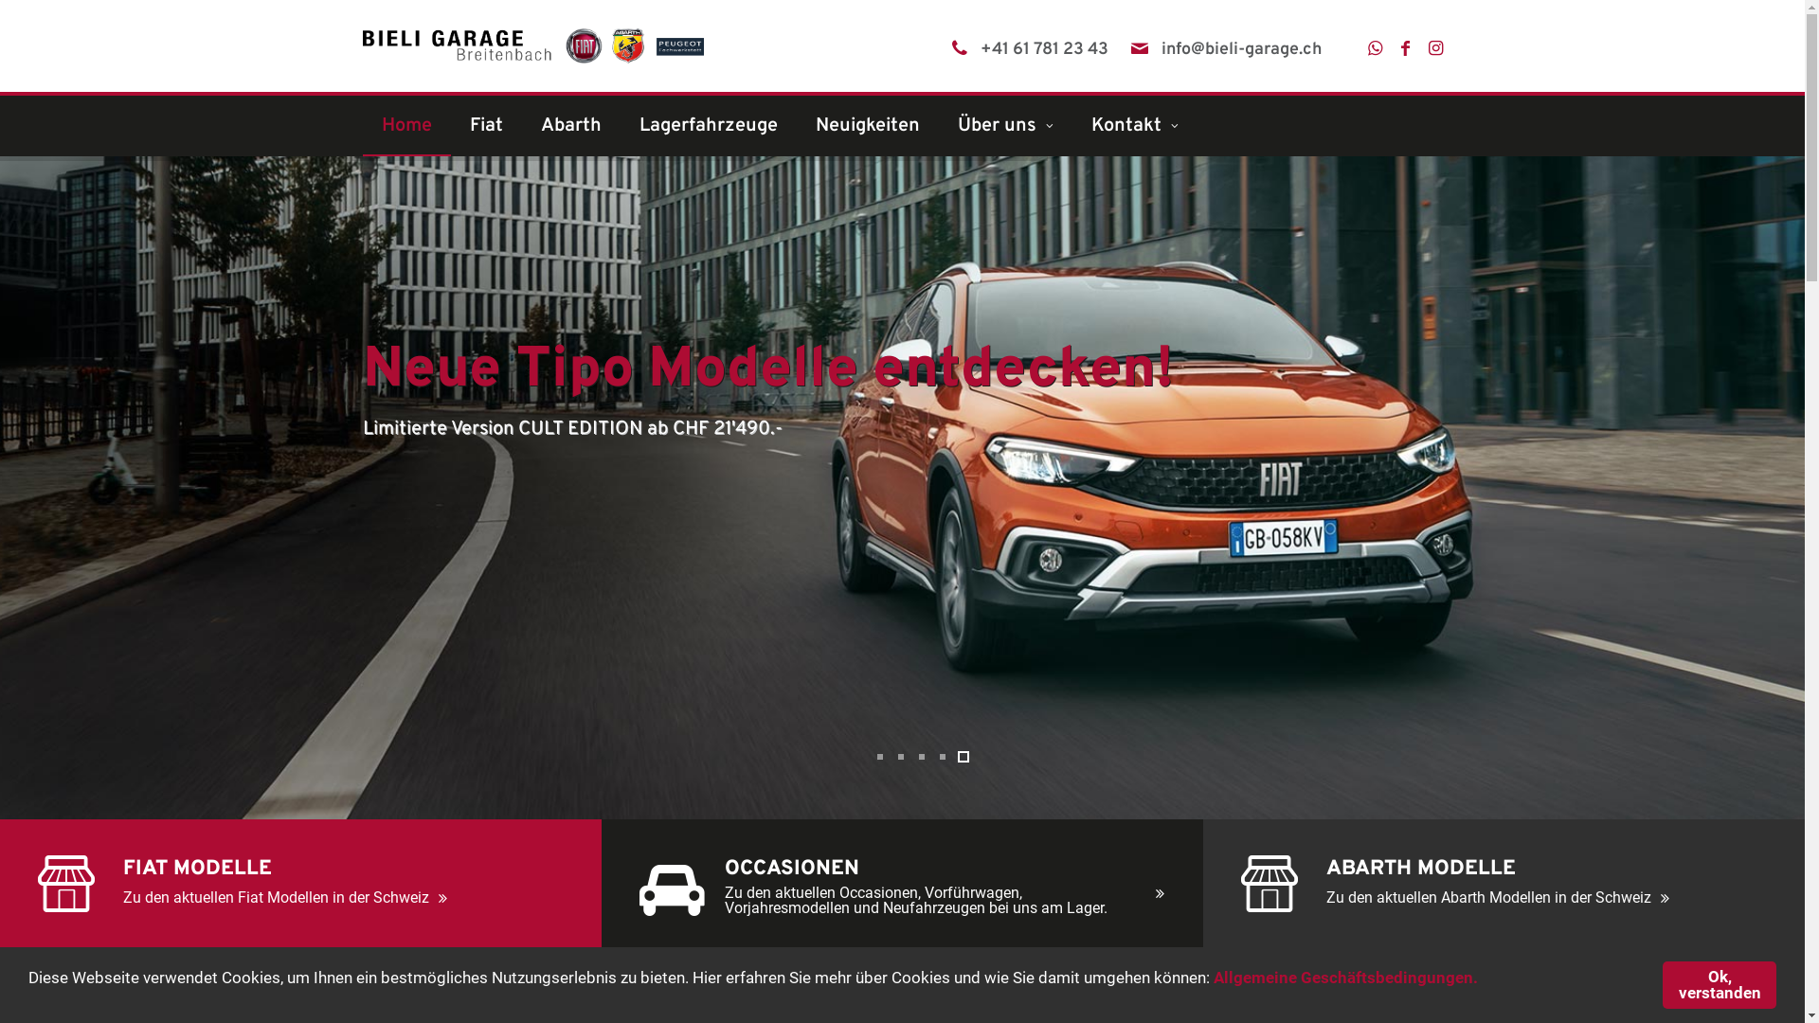 The height and width of the screenshot is (1023, 1819). Describe the element at coordinates (1042, 49) in the screenshot. I see `'+41 61 781 23 43'` at that location.